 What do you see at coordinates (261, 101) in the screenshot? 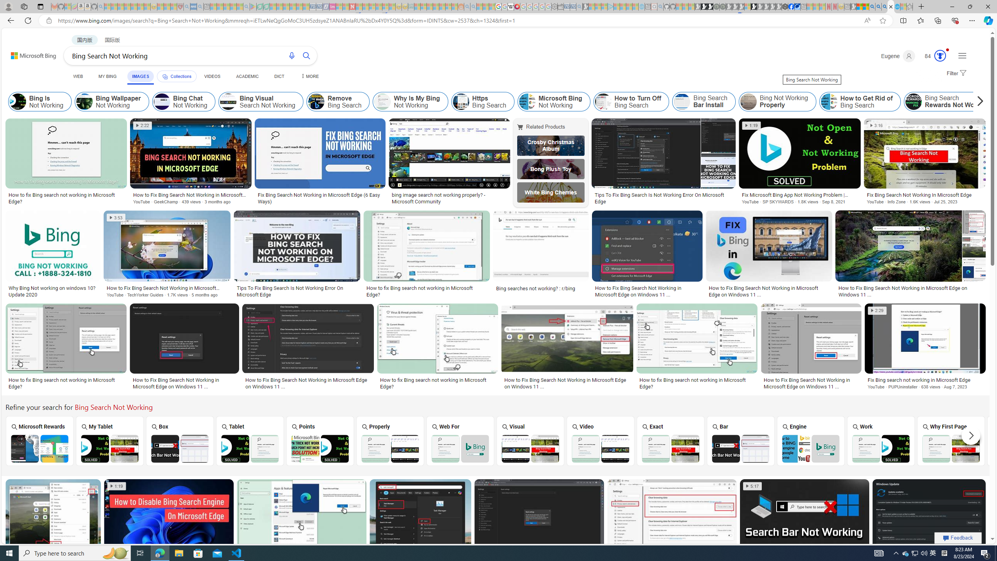
I see `'Bing Visual Search Not Working'` at bounding box center [261, 101].